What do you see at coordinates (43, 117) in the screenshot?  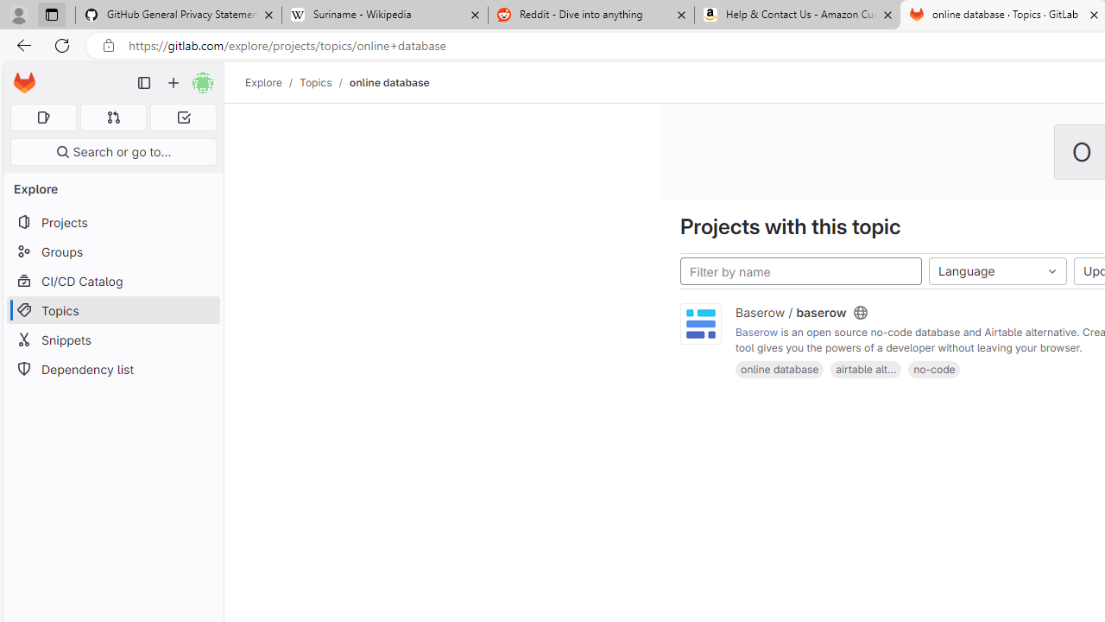 I see `'Assigned issues 0'` at bounding box center [43, 117].